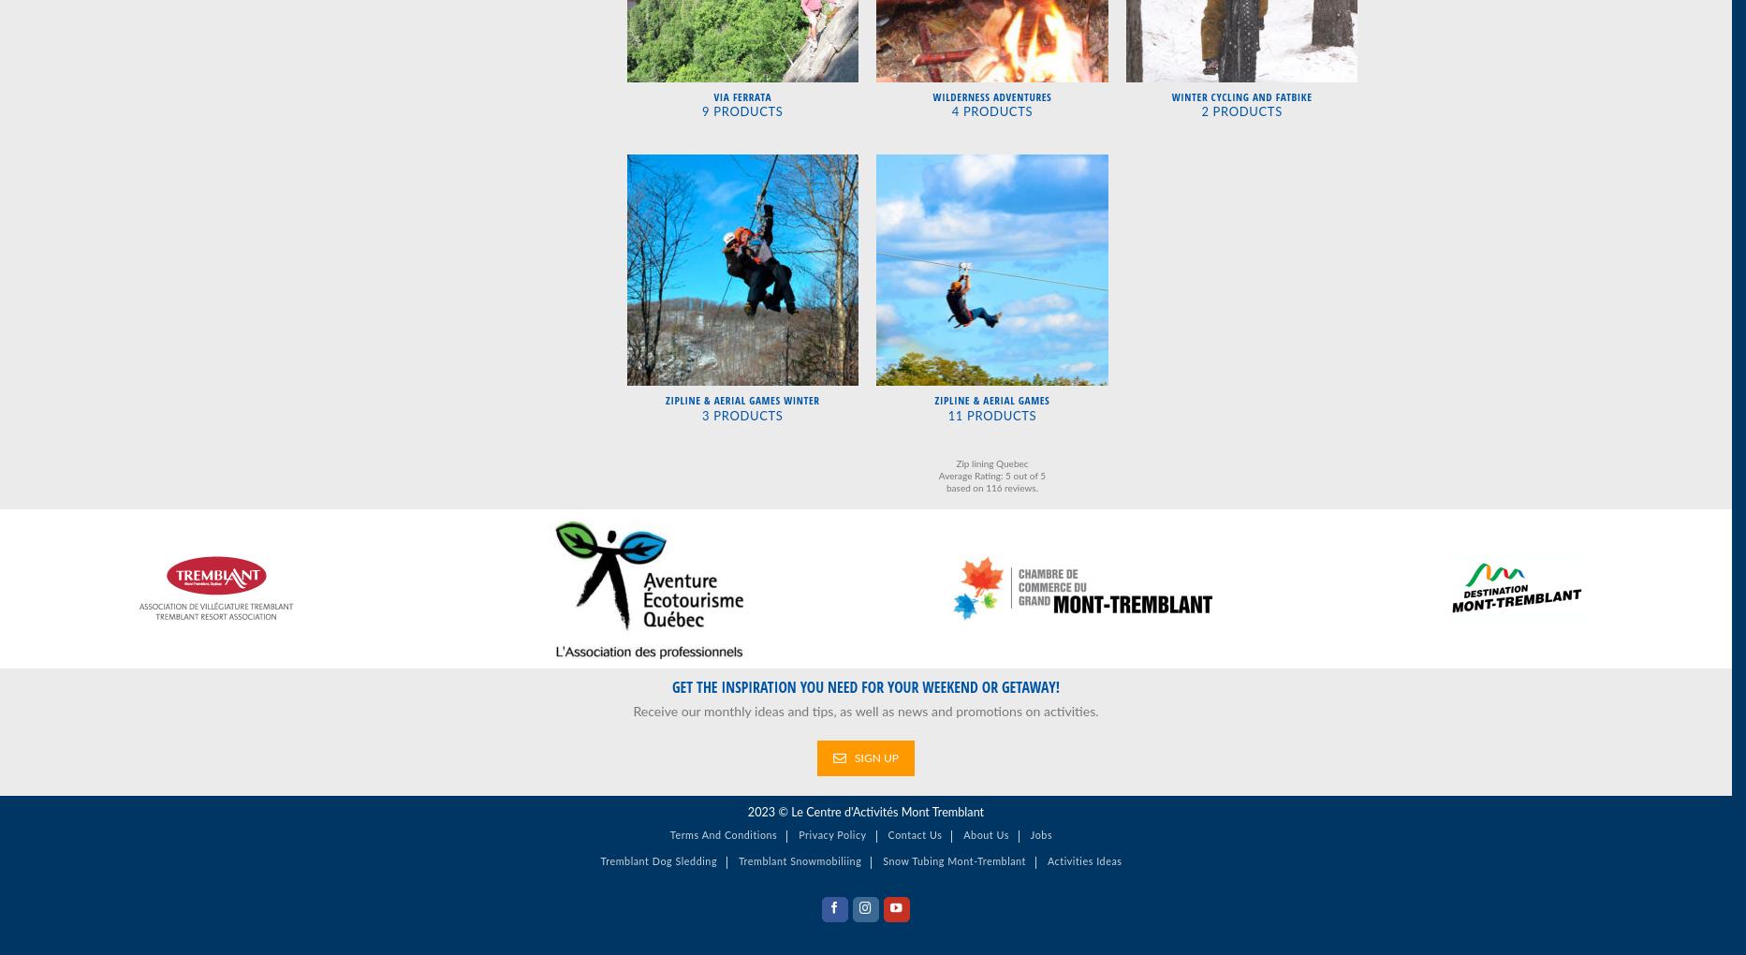  Describe the element at coordinates (937, 475) in the screenshot. I see `'Average Rating:'` at that location.